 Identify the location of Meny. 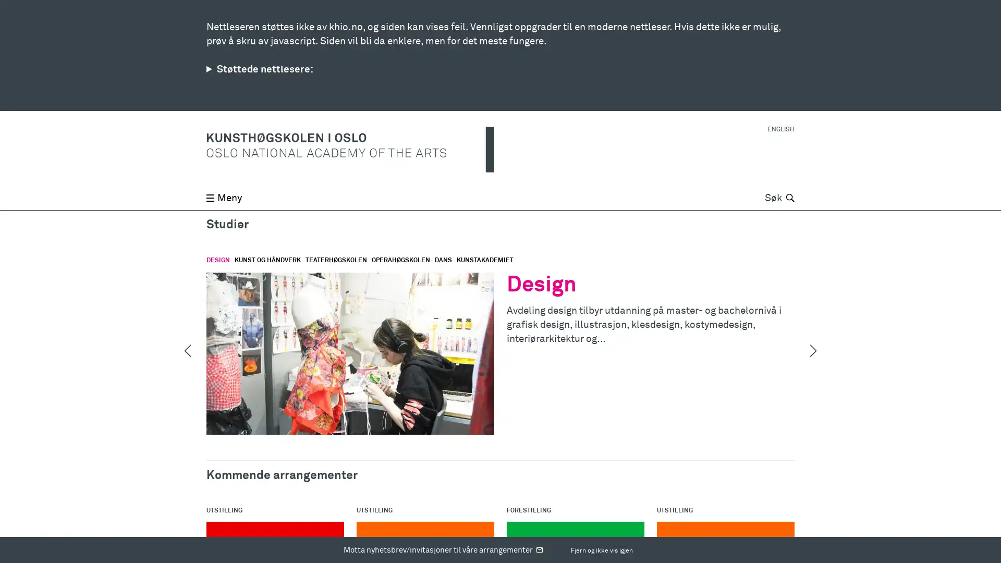
(224, 198).